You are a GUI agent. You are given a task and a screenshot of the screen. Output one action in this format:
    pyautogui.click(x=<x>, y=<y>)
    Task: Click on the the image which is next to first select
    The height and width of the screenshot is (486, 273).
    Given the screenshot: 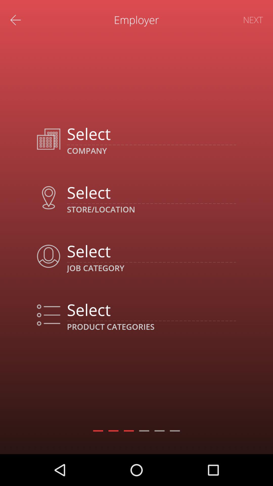 What is the action you would take?
    pyautogui.click(x=49, y=139)
    